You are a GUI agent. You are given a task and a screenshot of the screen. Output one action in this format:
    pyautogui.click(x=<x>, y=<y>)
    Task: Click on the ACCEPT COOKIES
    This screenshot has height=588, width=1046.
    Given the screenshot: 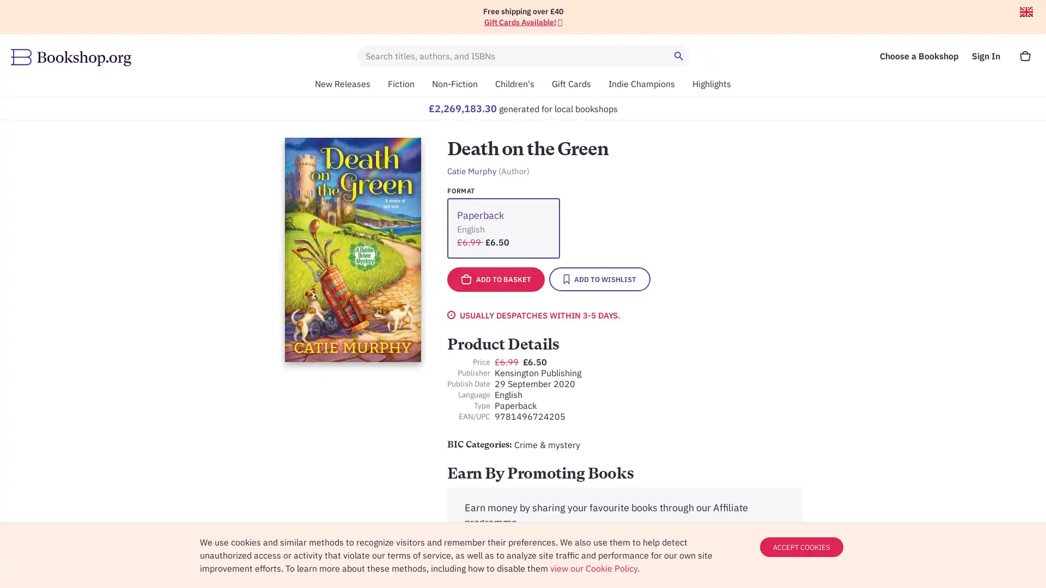 What is the action you would take?
    pyautogui.click(x=801, y=547)
    